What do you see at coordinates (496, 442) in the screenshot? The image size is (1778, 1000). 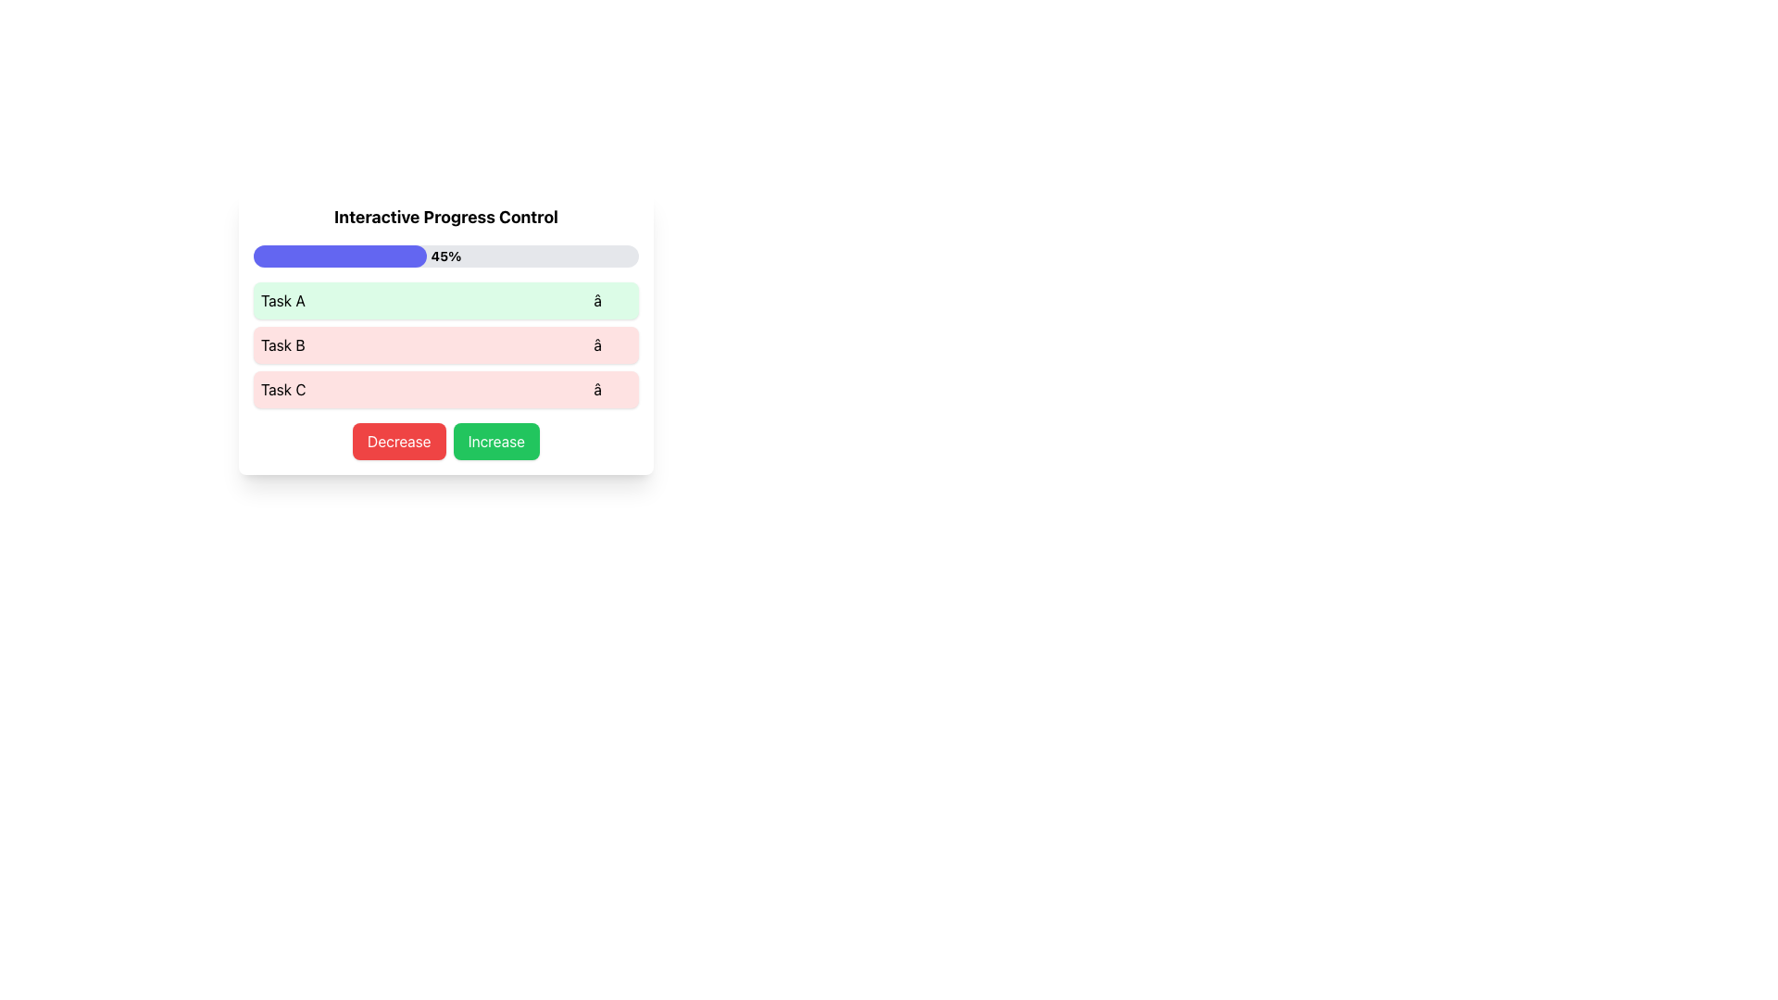 I see `the 'Increase' button with a green background and white text to trigger hover effects` at bounding box center [496, 442].